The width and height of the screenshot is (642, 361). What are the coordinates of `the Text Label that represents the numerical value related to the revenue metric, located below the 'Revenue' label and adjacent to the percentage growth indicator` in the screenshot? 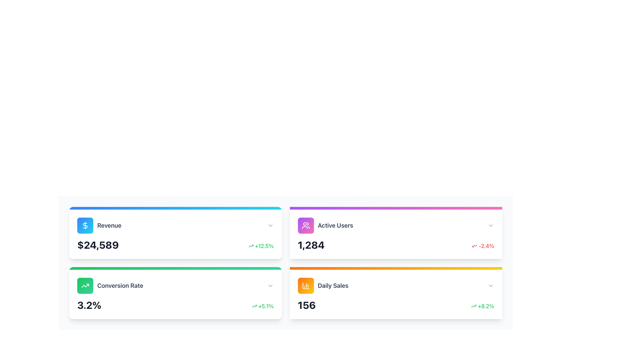 It's located at (98, 245).